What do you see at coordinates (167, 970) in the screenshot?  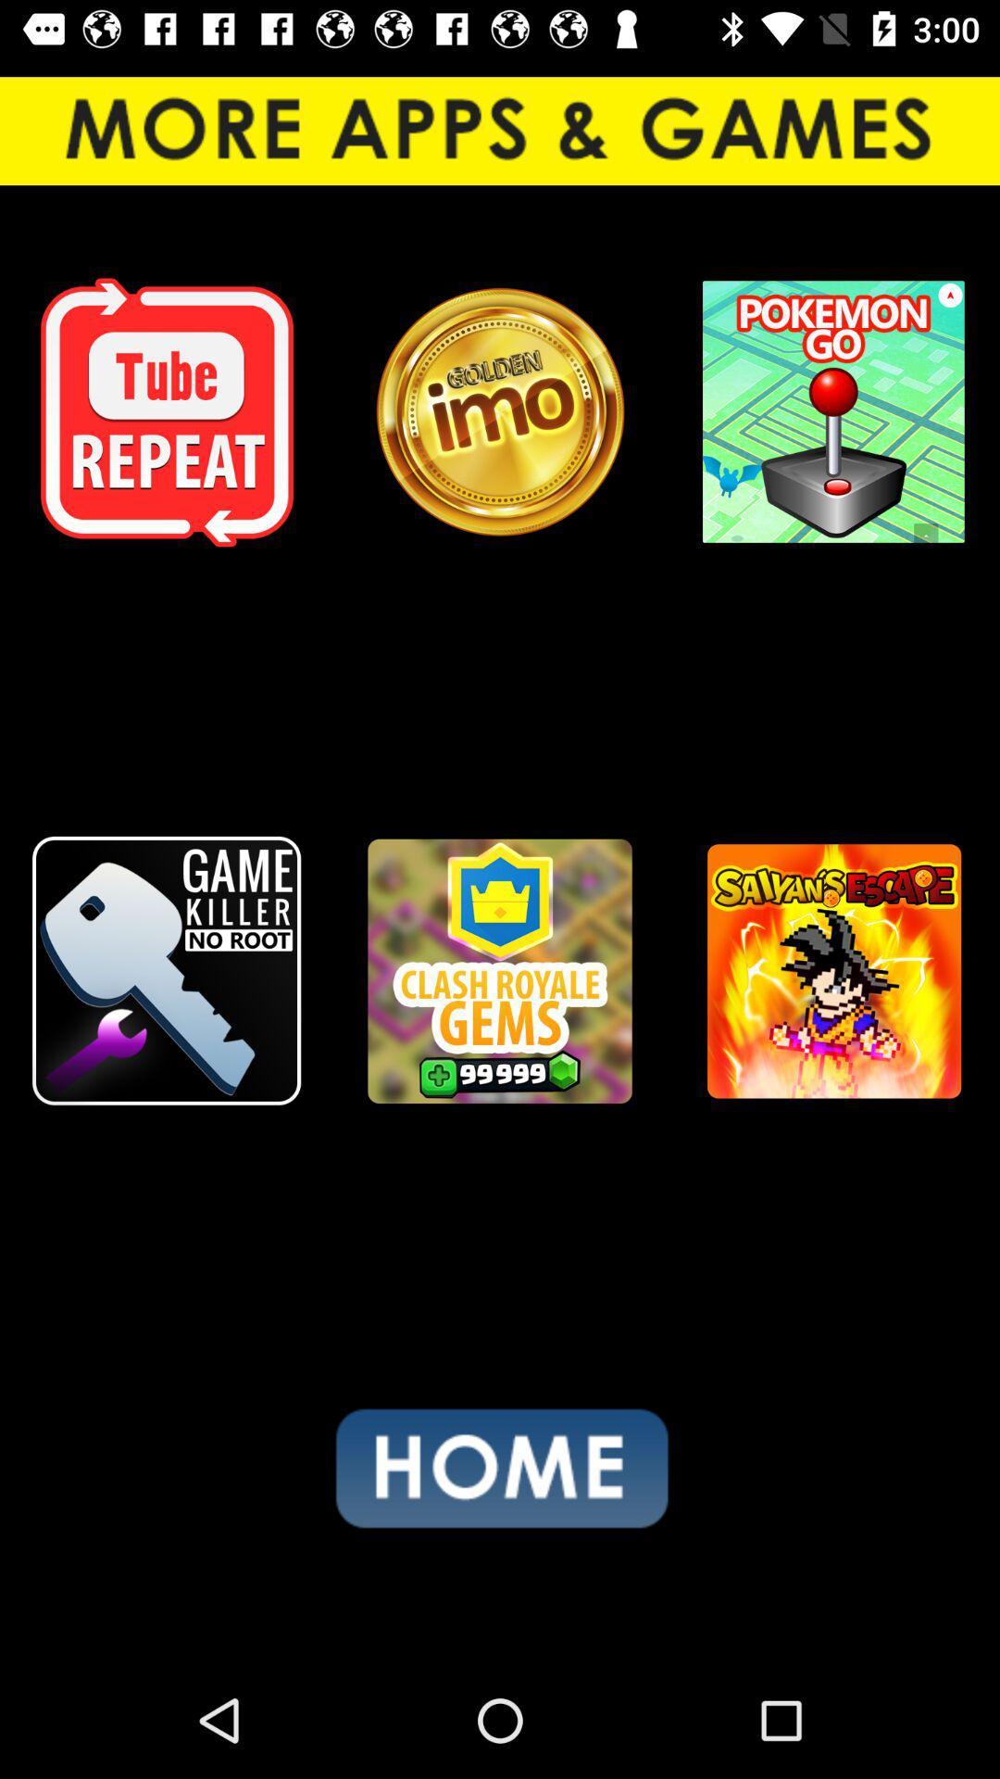 I see `choose game` at bounding box center [167, 970].